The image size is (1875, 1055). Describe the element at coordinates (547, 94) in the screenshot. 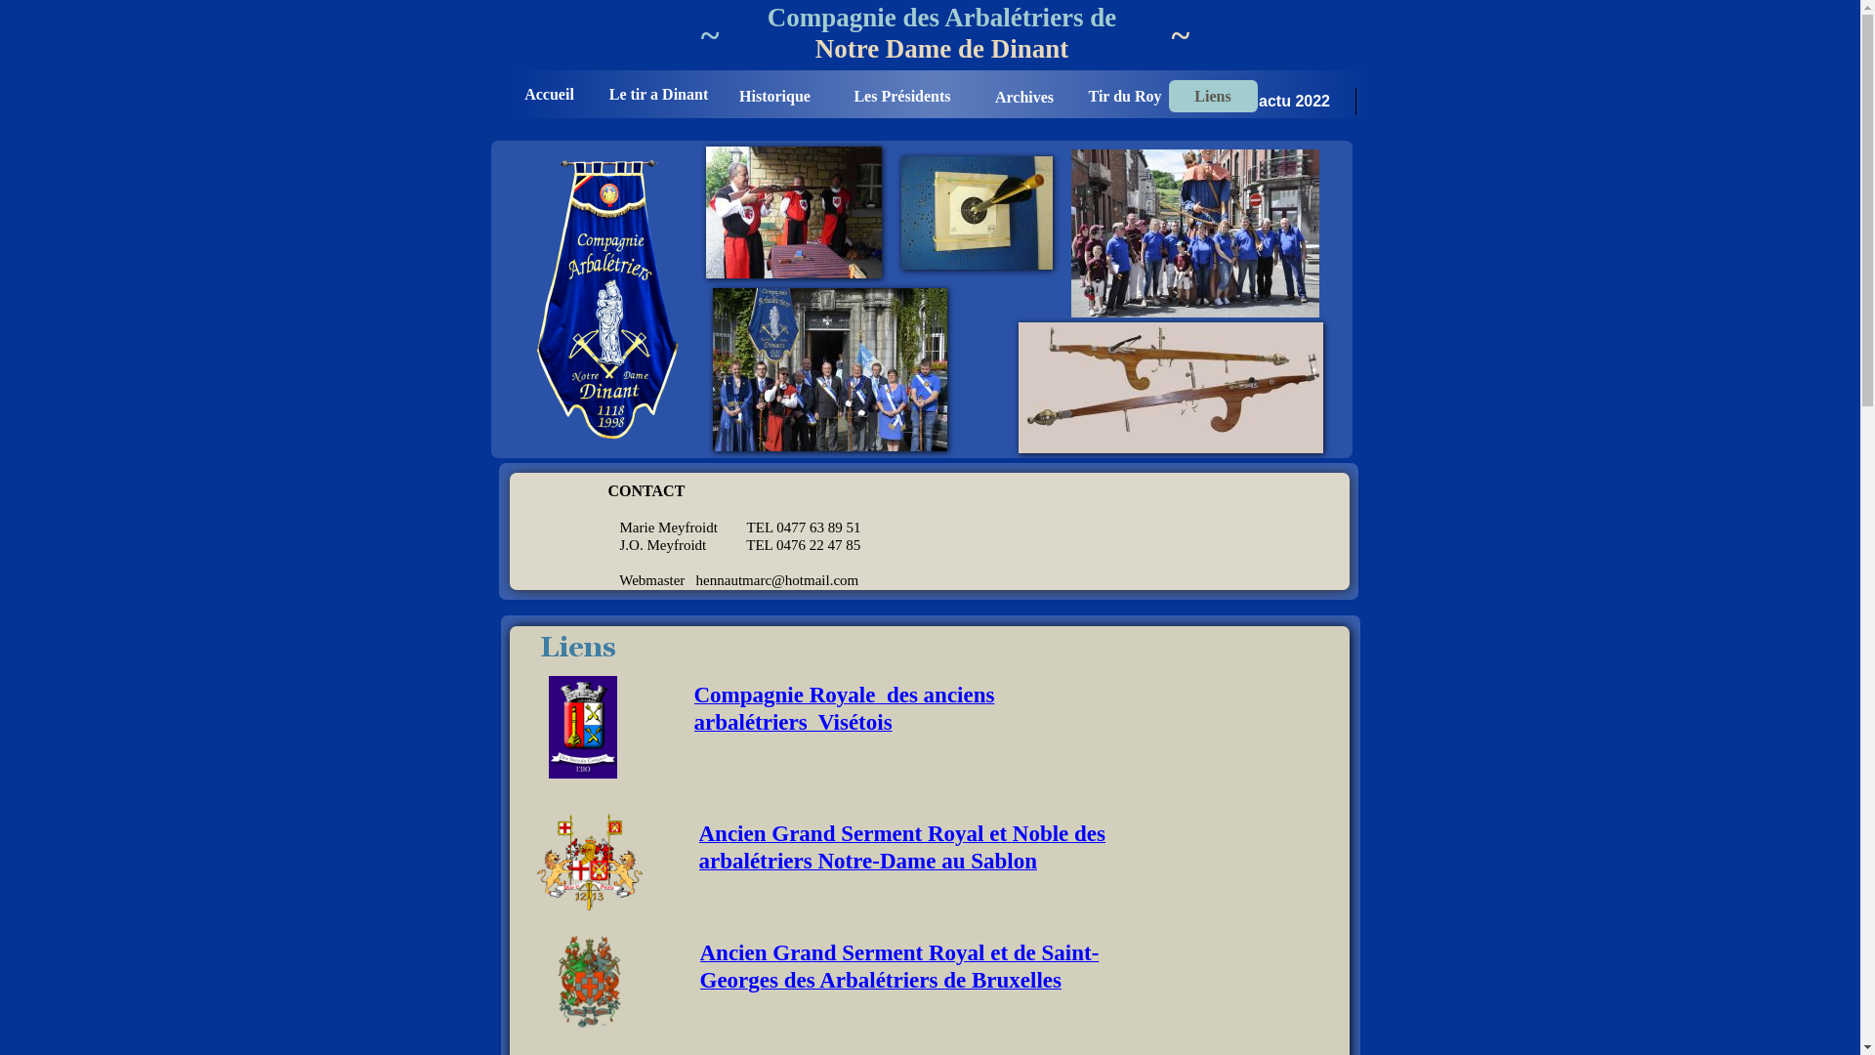

I see `'Accueil'` at that location.